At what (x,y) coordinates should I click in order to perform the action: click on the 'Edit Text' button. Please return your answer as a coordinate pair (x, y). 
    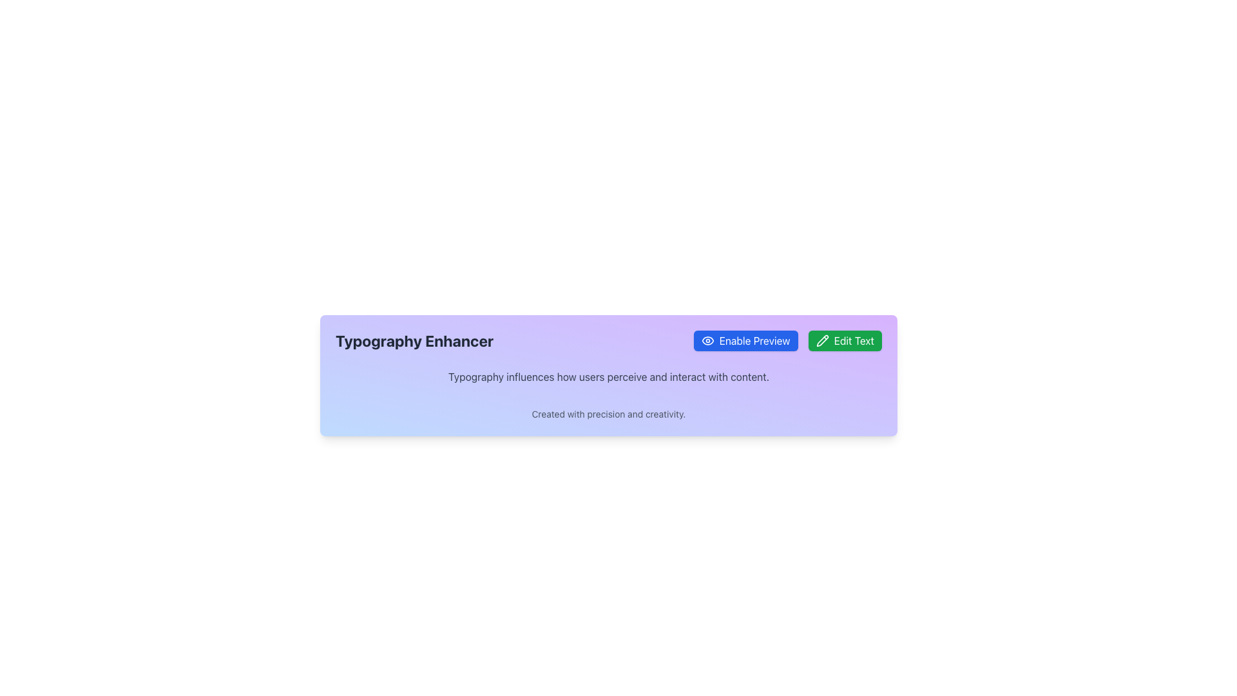
    Looking at the image, I should click on (821, 340).